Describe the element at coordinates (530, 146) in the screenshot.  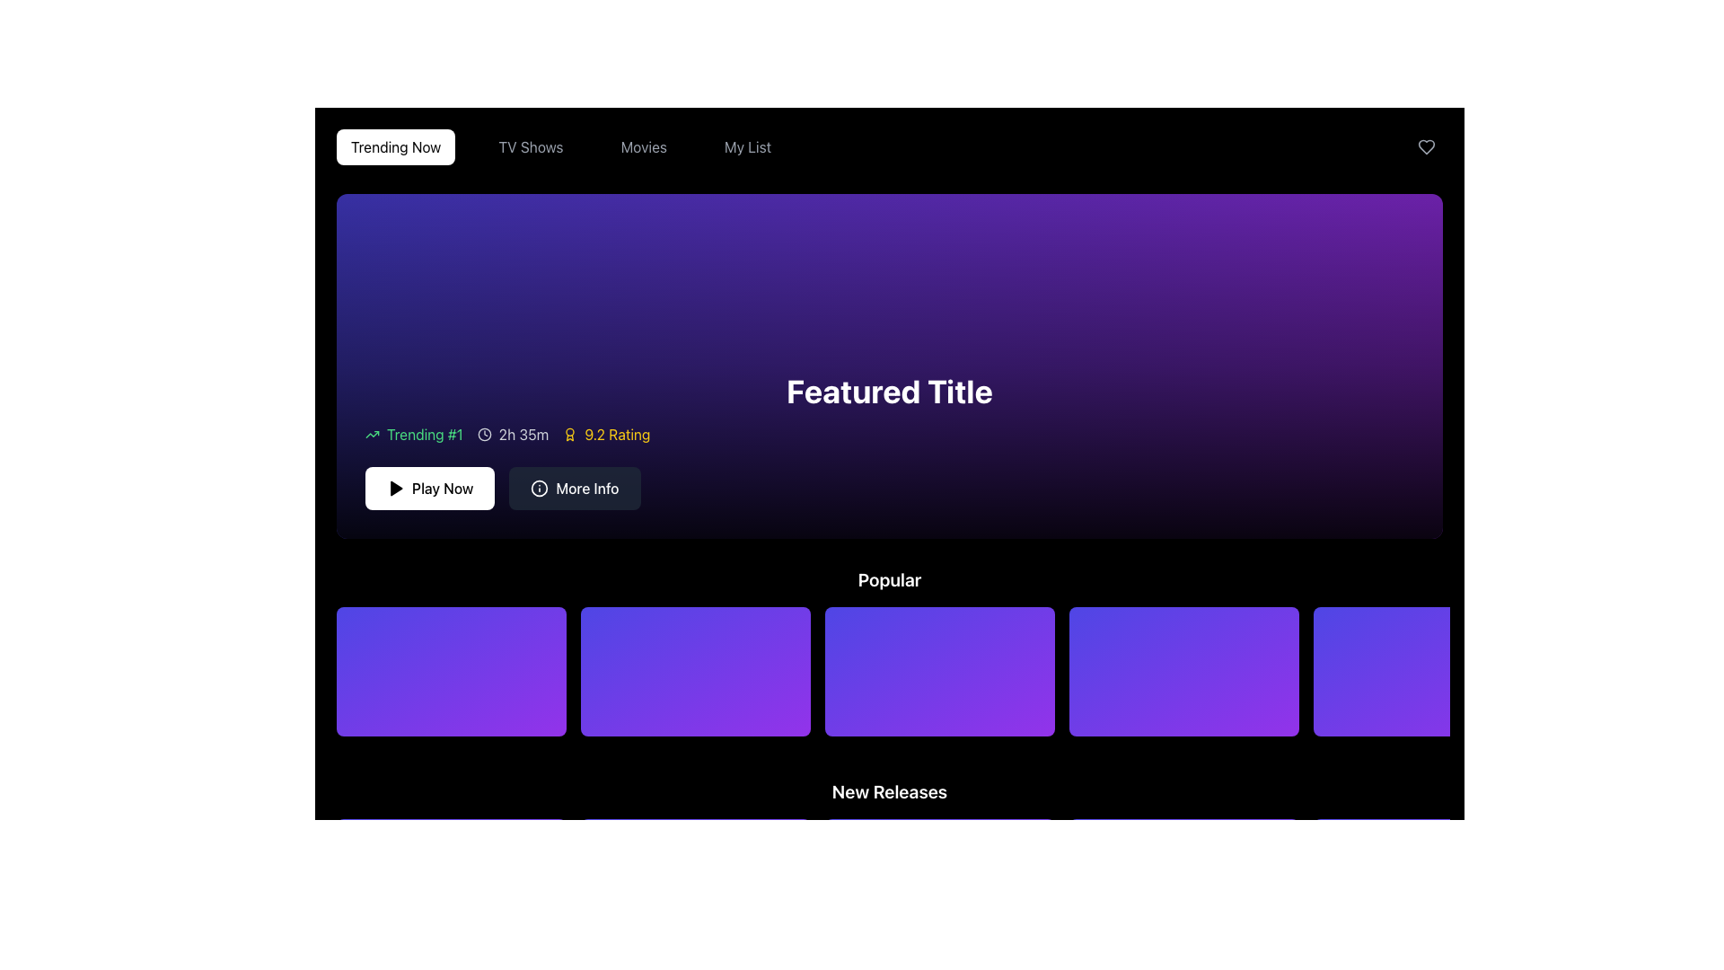
I see `the 'TV Shows' button in the navigation menu` at that location.